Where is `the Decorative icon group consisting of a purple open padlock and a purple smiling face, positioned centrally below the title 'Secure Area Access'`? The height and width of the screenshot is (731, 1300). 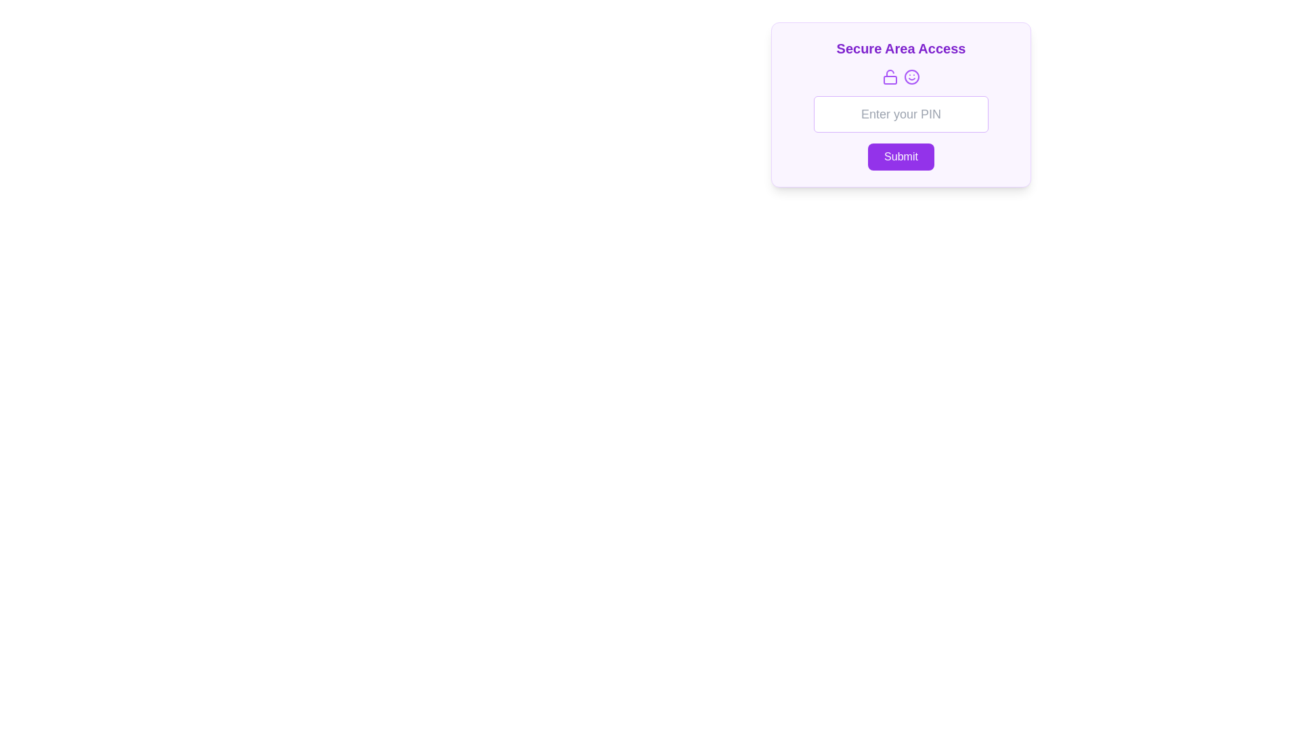 the Decorative icon group consisting of a purple open padlock and a purple smiling face, positioned centrally below the title 'Secure Area Access' is located at coordinates (901, 77).